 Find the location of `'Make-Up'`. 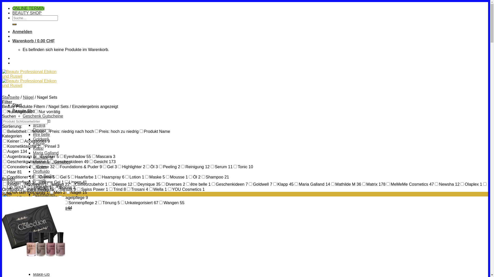

'Make-Up' is located at coordinates (41, 274).